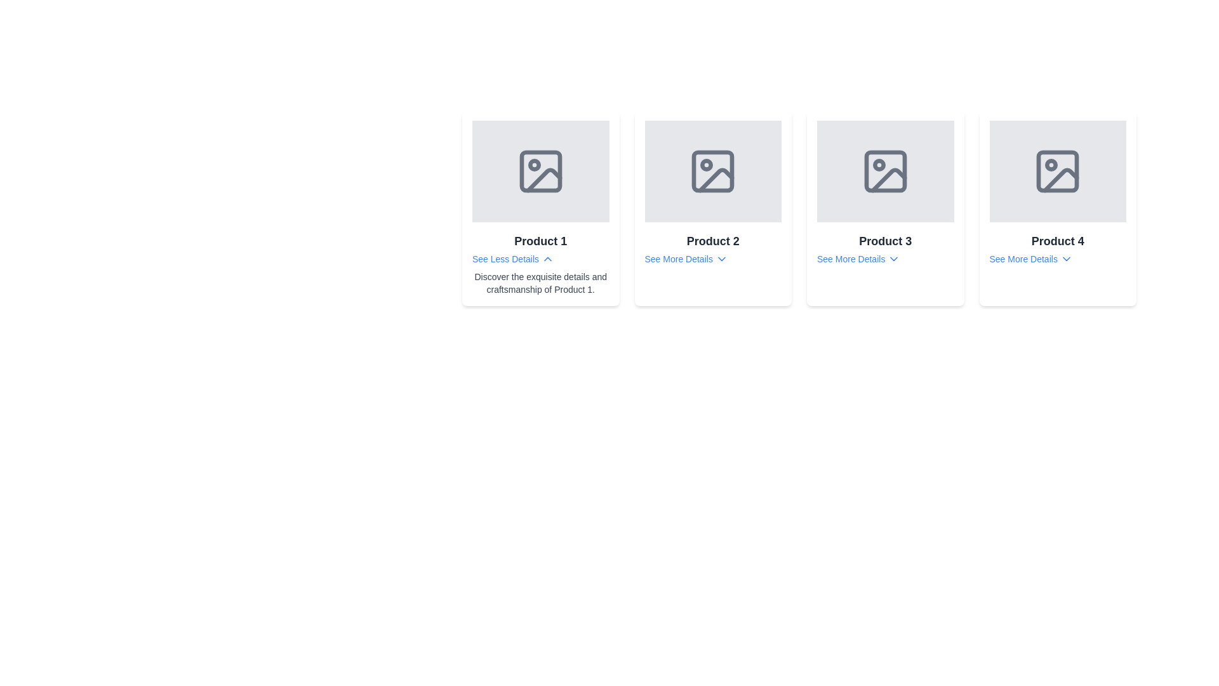  Describe the element at coordinates (884, 241) in the screenshot. I see `the 'Product 3' text label, which is displayed in bold and larger font within a white card layout, centrally positioned below an image placeholder and above the 'See More Details' link` at that location.